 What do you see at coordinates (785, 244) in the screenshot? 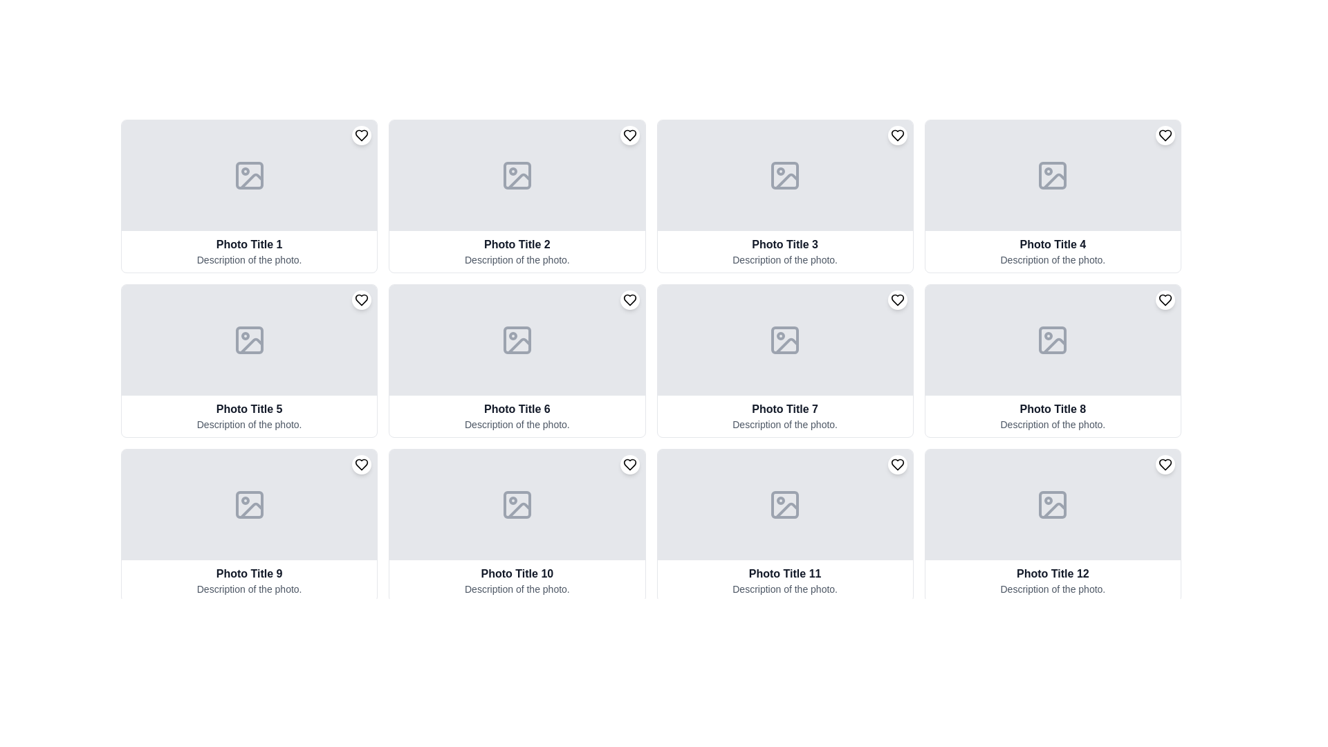
I see `the text label that reads 'Photo Title 3', which is styled with bold, dark-gray text and is located in the third card of the top row in a grid layout` at bounding box center [785, 244].